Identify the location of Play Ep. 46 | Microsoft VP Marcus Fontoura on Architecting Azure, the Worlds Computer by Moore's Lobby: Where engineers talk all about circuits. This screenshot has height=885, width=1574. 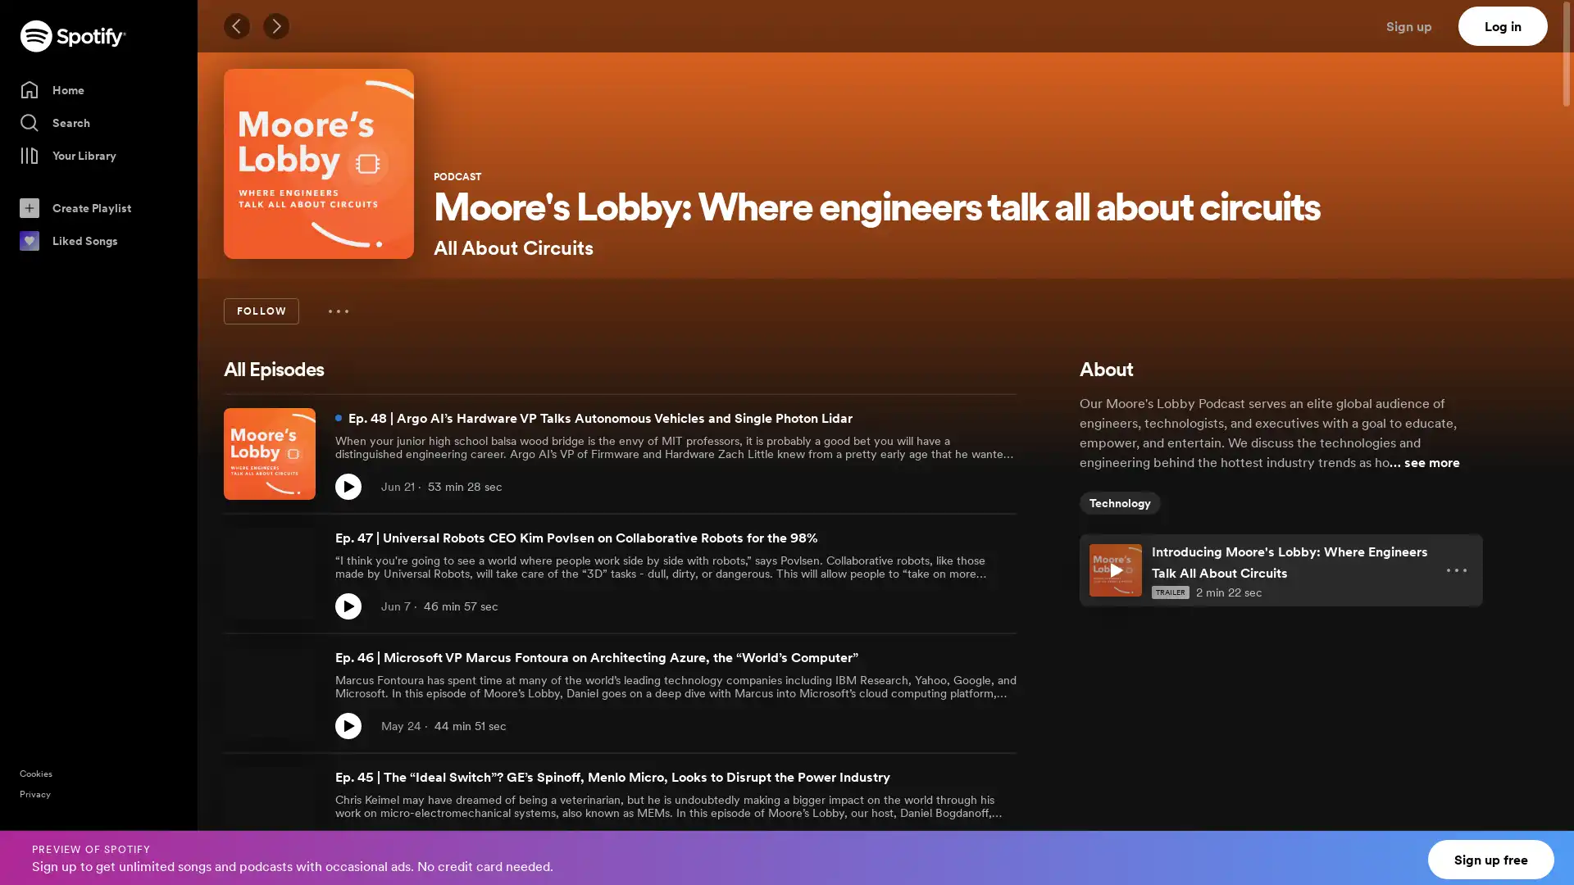
(348, 725).